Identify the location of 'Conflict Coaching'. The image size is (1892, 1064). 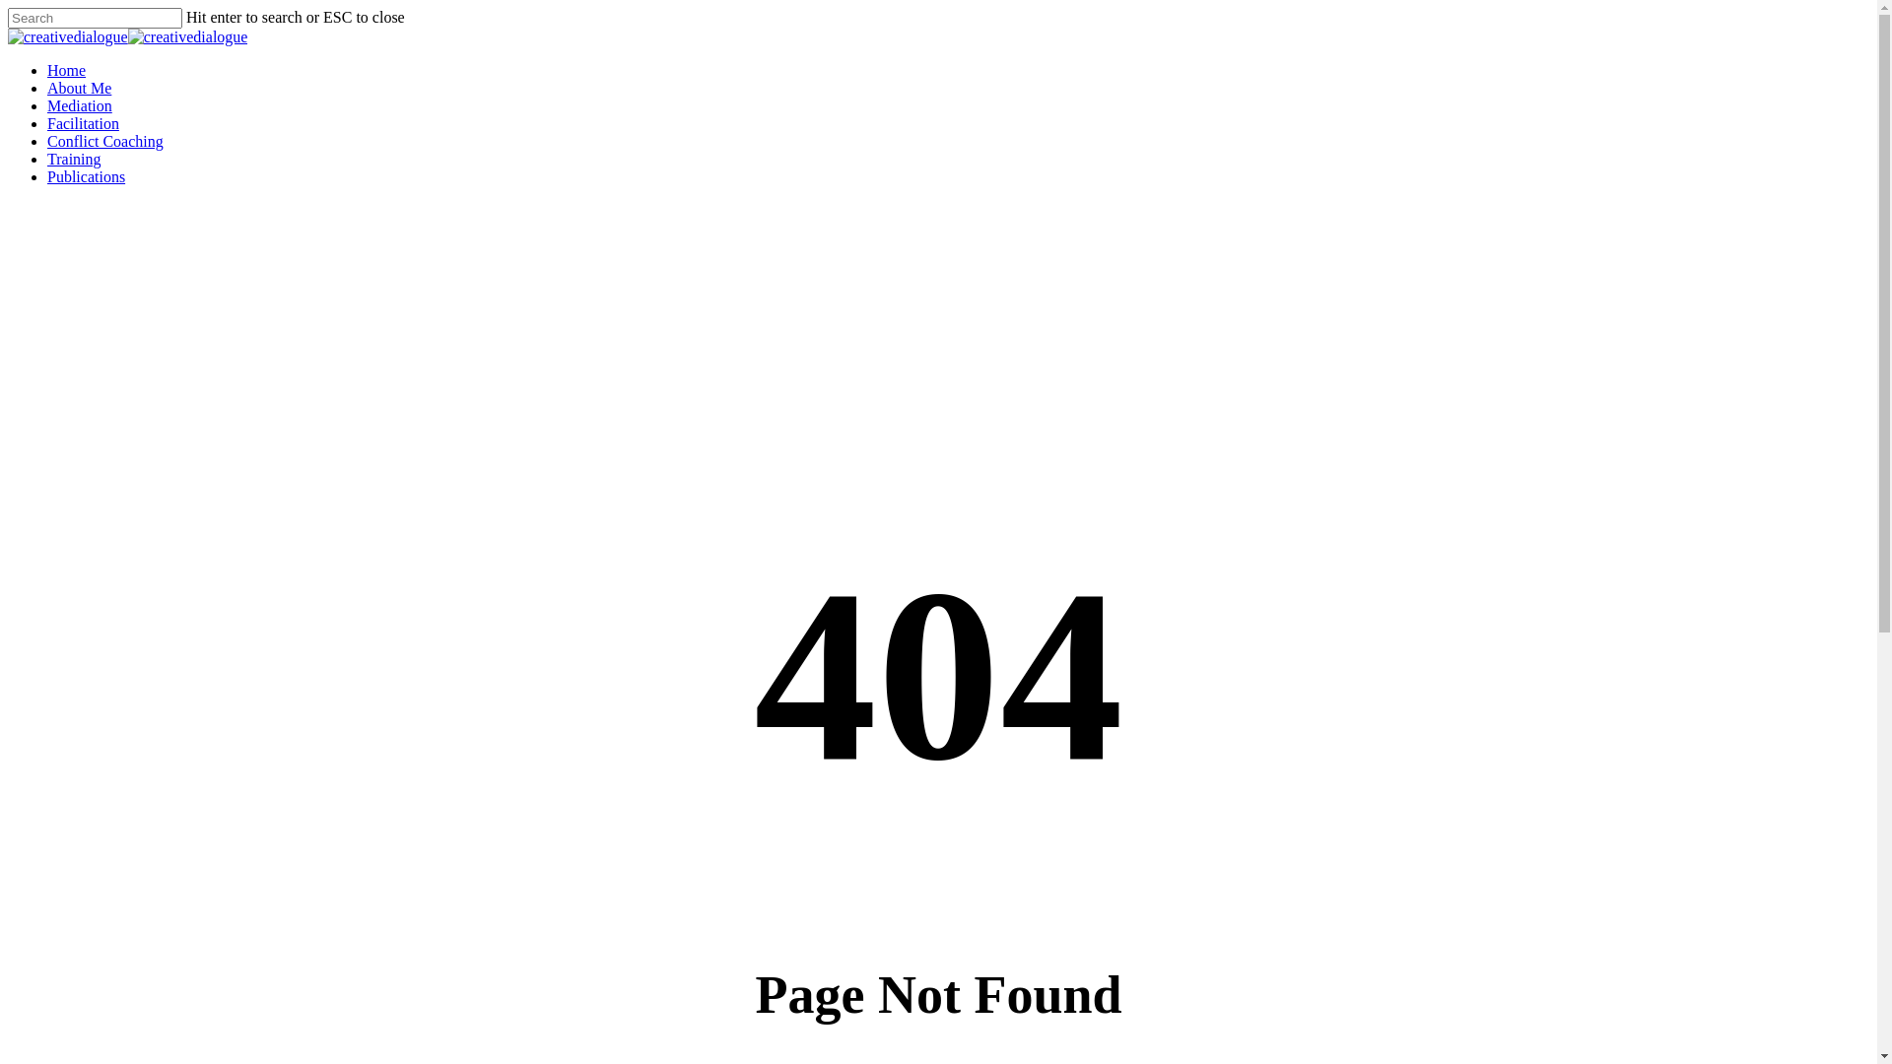
(103, 140).